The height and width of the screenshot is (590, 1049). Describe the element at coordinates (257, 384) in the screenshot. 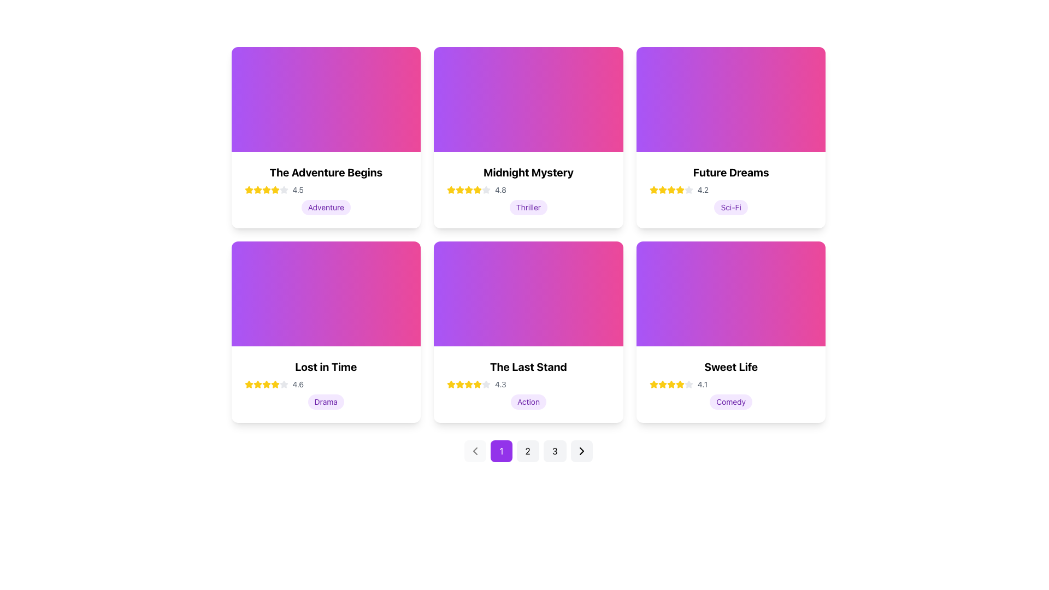

I see `the second yellow star icon used for rating under the 'Lost in Time' movie card` at that location.